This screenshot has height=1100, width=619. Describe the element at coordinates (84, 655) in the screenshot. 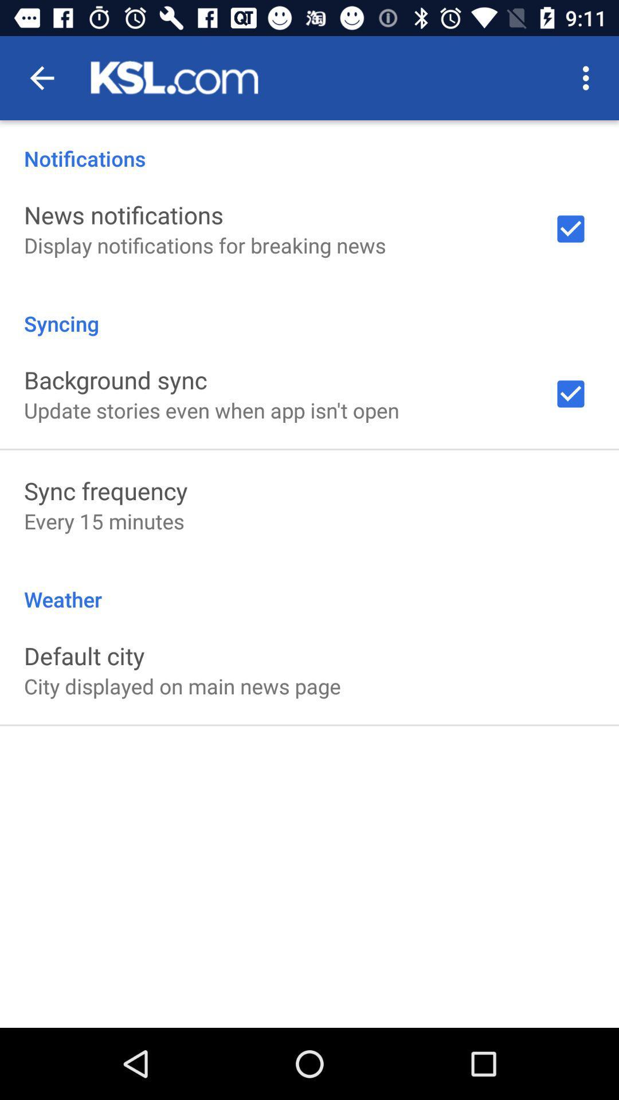

I see `the app below the weather item` at that location.